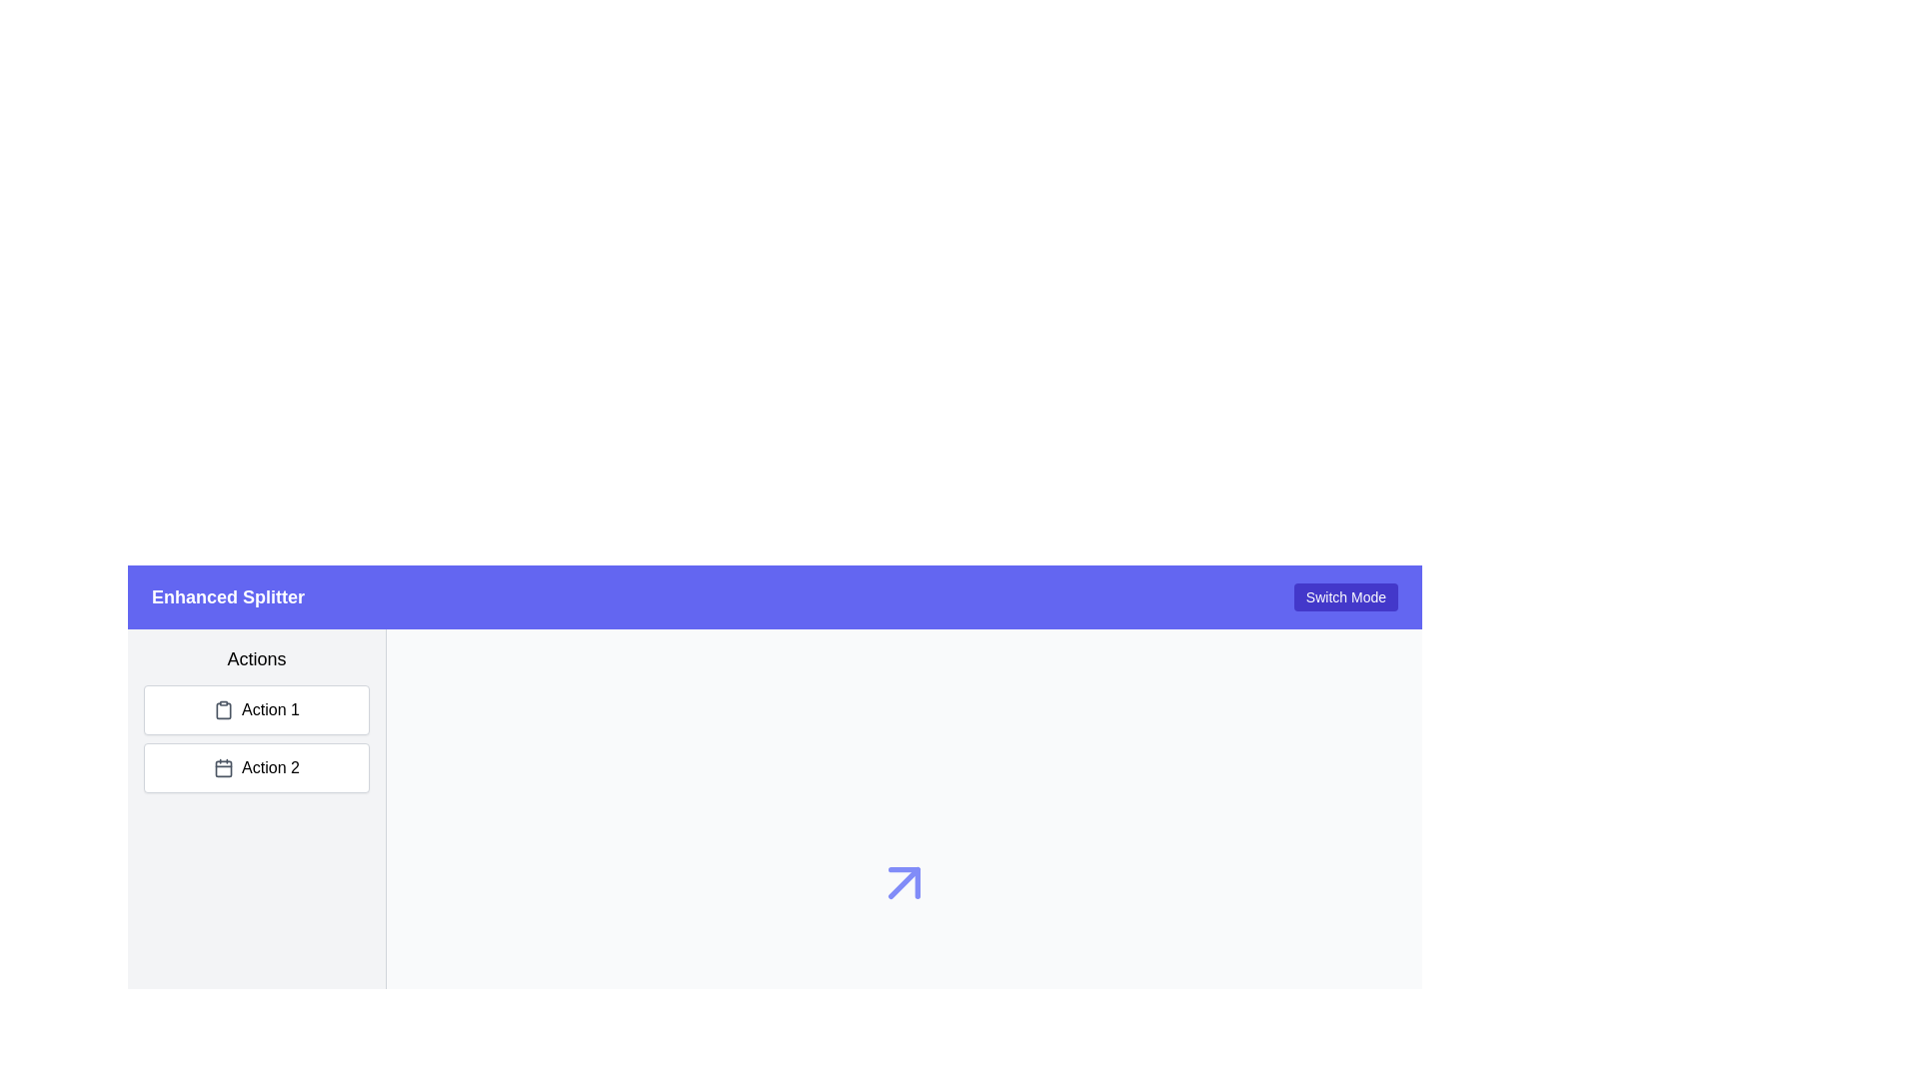  What do you see at coordinates (256, 708) in the screenshot?
I see `the actionable button labeled 'Action 1' located in the 'Actions' section on the left panel` at bounding box center [256, 708].